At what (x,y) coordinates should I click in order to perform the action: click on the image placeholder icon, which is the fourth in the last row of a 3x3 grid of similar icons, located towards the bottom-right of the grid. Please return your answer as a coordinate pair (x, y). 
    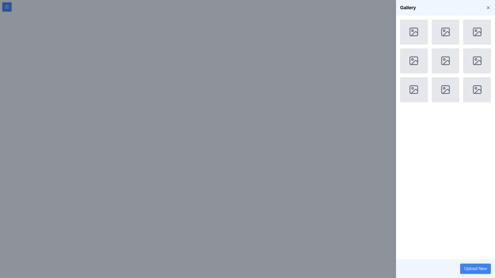
    Looking at the image, I should click on (477, 89).